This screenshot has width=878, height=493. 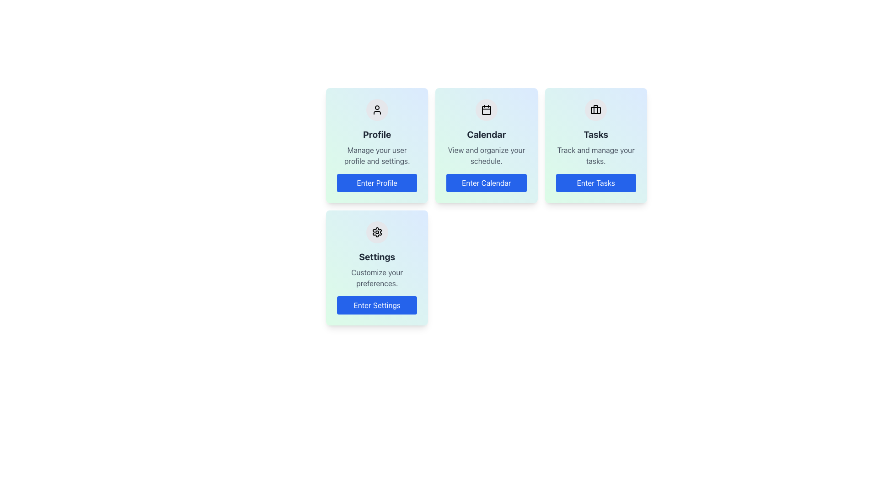 What do you see at coordinates (596, 183) in the screenshot?
I see `the button located at the bottom of the 'Tasks' card, which initiates action related to task management` at bounding box center [596, 183].